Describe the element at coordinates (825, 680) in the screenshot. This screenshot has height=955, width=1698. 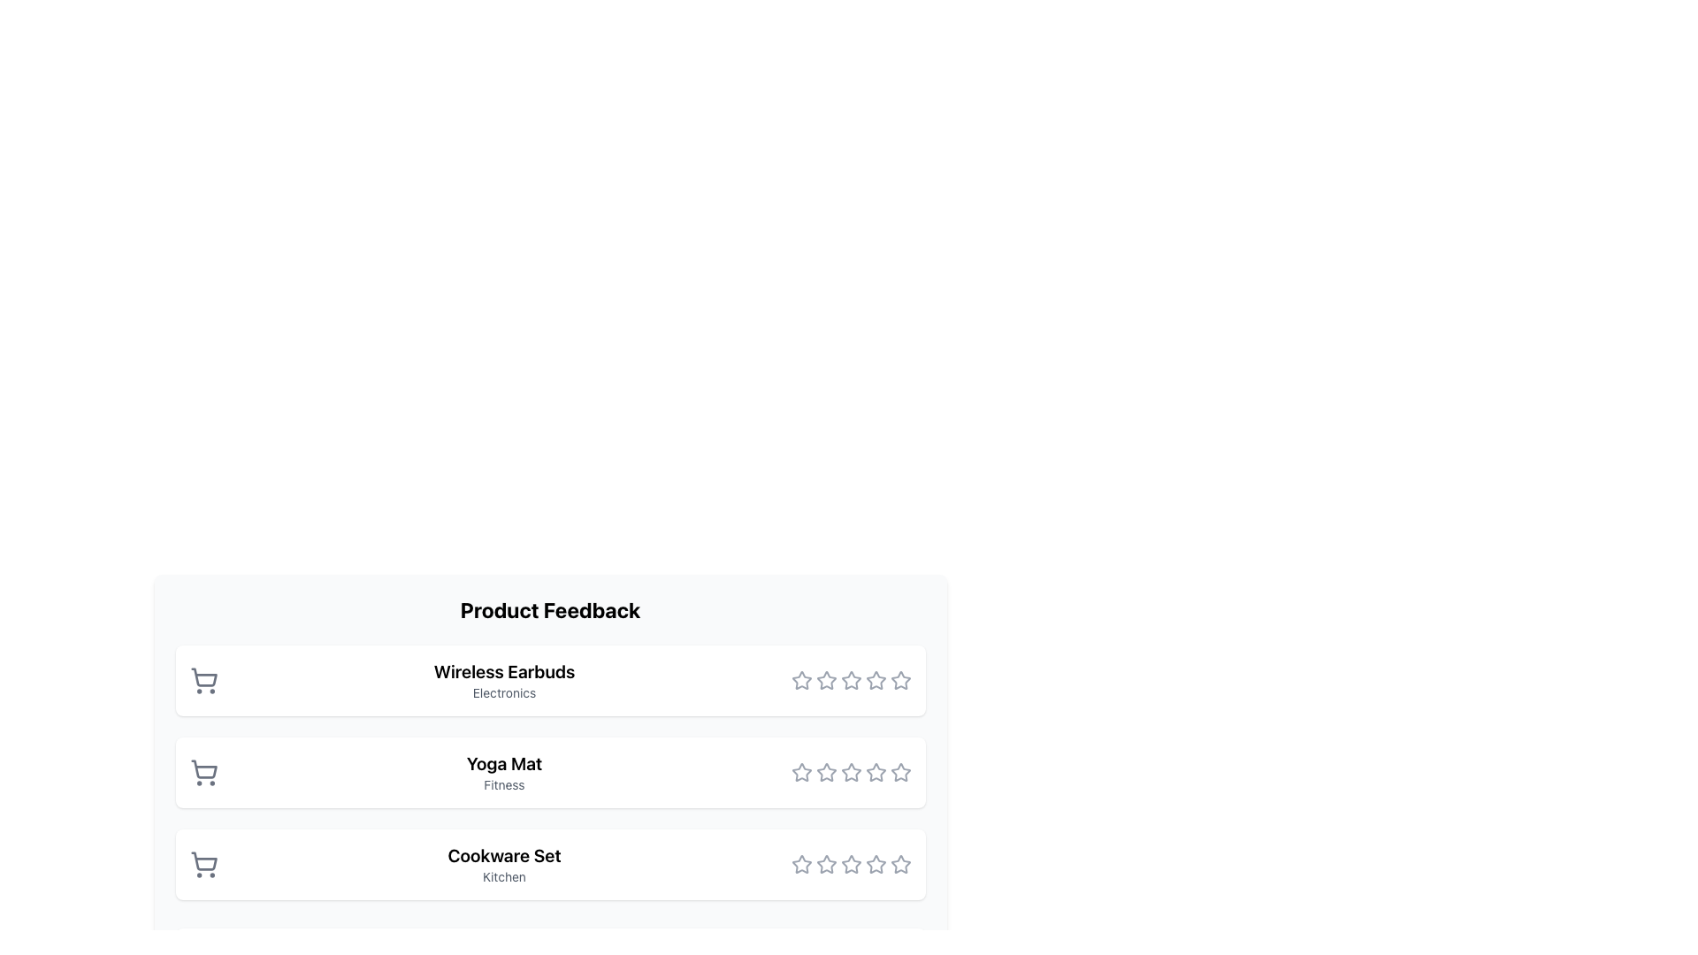
I see `the third star icon in the rating section` at that location.